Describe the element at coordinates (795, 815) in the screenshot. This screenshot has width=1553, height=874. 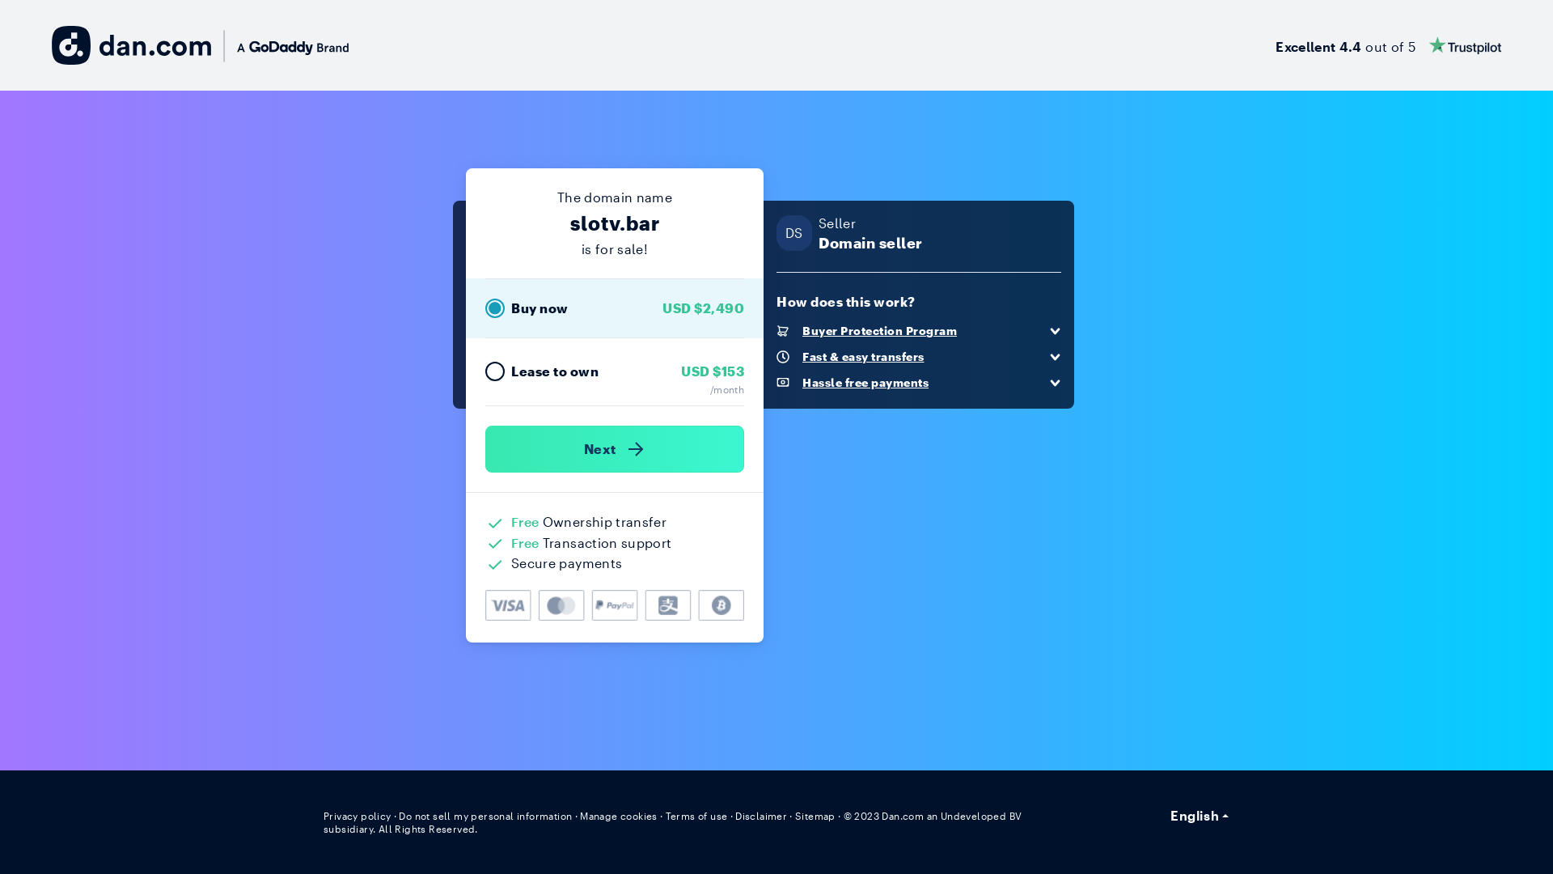
I see `'Sitemap'` at that location.